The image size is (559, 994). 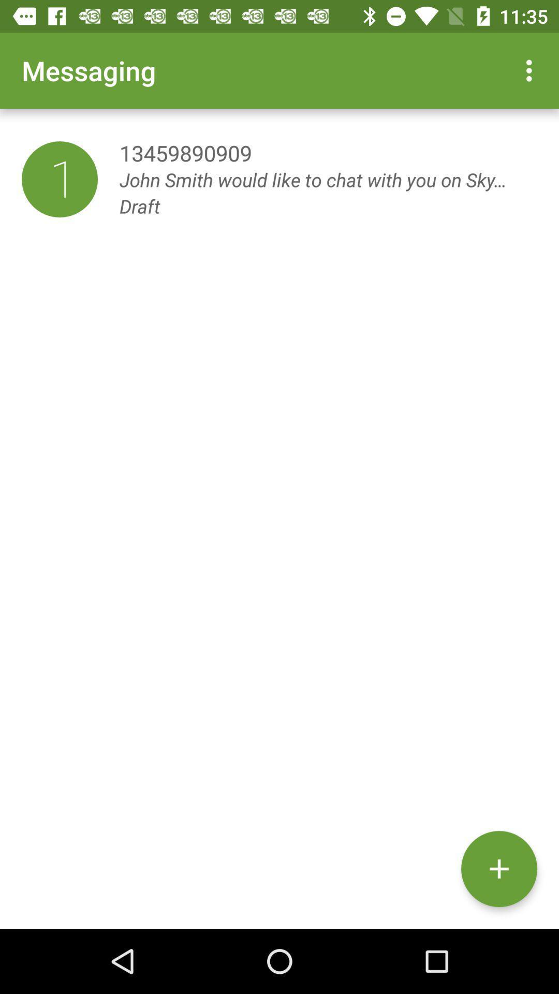 What do you see at coordinates (498, 869) in the screenshot?
I see `the icon at the bottom right corner` at bounding box center [498, 869].